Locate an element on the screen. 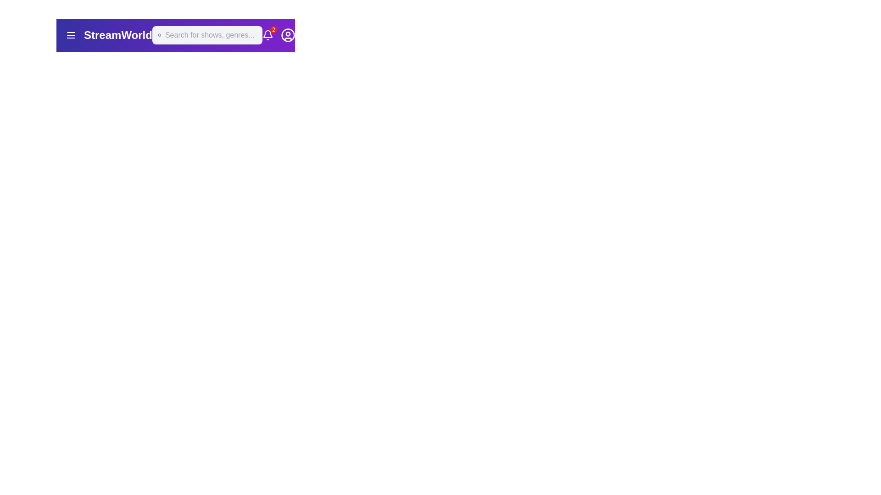 This screenshot has width=881, height=495. the red circular badge on the bell icon is located at coordinates (278, 35).